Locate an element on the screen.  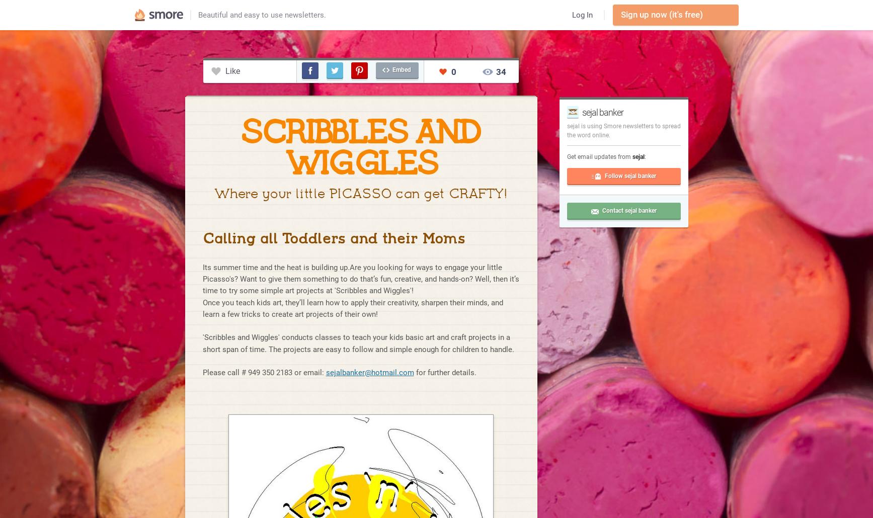
'Log In' is located at coordinates (581, 15).